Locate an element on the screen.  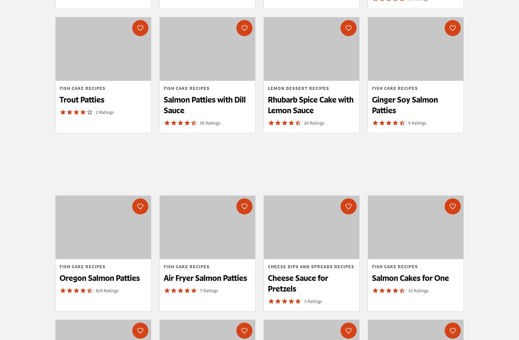
'Oregon Salmon Patties' is located at coordinates (100, 277).